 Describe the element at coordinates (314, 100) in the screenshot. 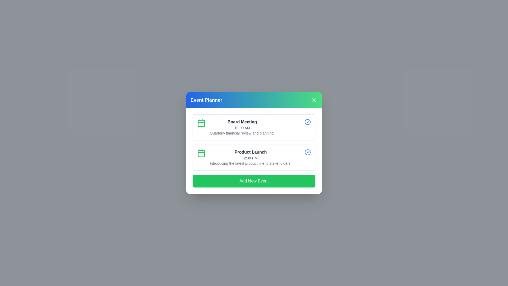

I see `the close button located in the top-right corner of the modal window` at that location.